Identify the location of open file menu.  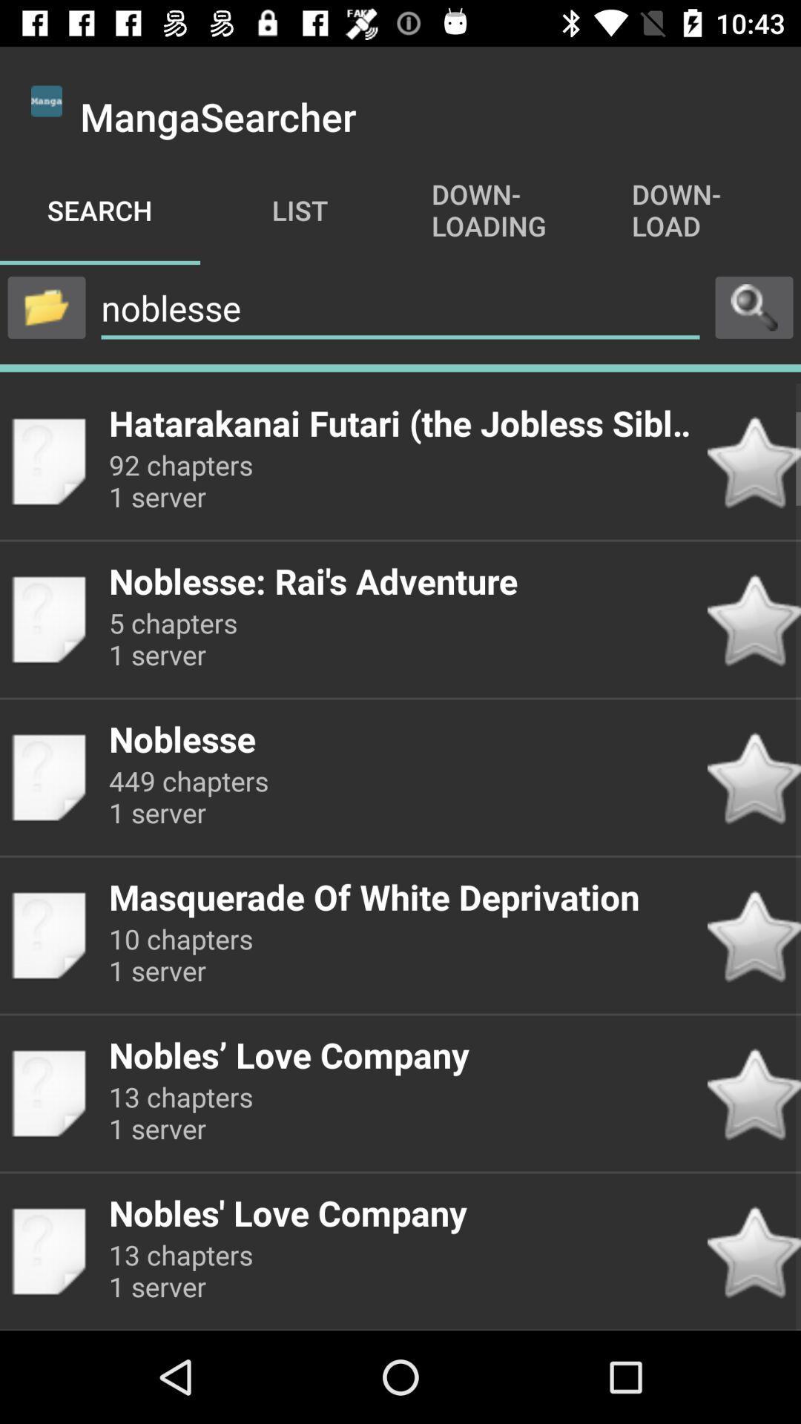
(45, 306).